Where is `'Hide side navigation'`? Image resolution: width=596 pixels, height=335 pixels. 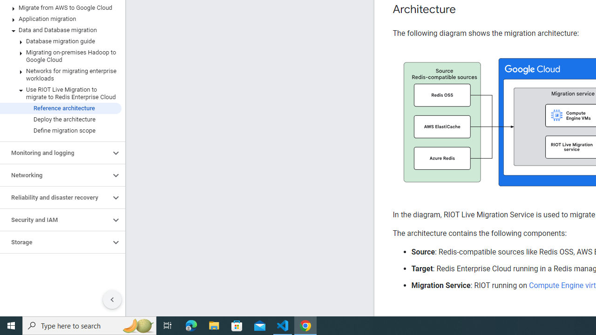 'Hide side navigation' is located at coordinates (112, 300).